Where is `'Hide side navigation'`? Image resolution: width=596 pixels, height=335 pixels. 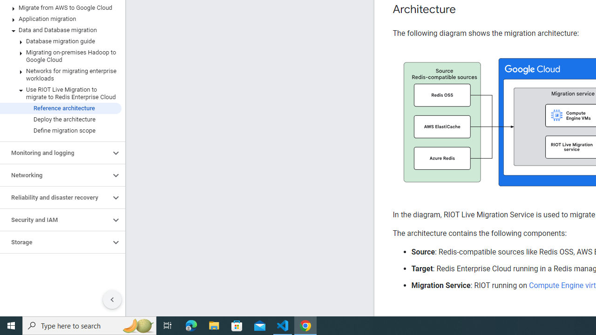 'Hide side navigation' is located at coordinates (112, 300).